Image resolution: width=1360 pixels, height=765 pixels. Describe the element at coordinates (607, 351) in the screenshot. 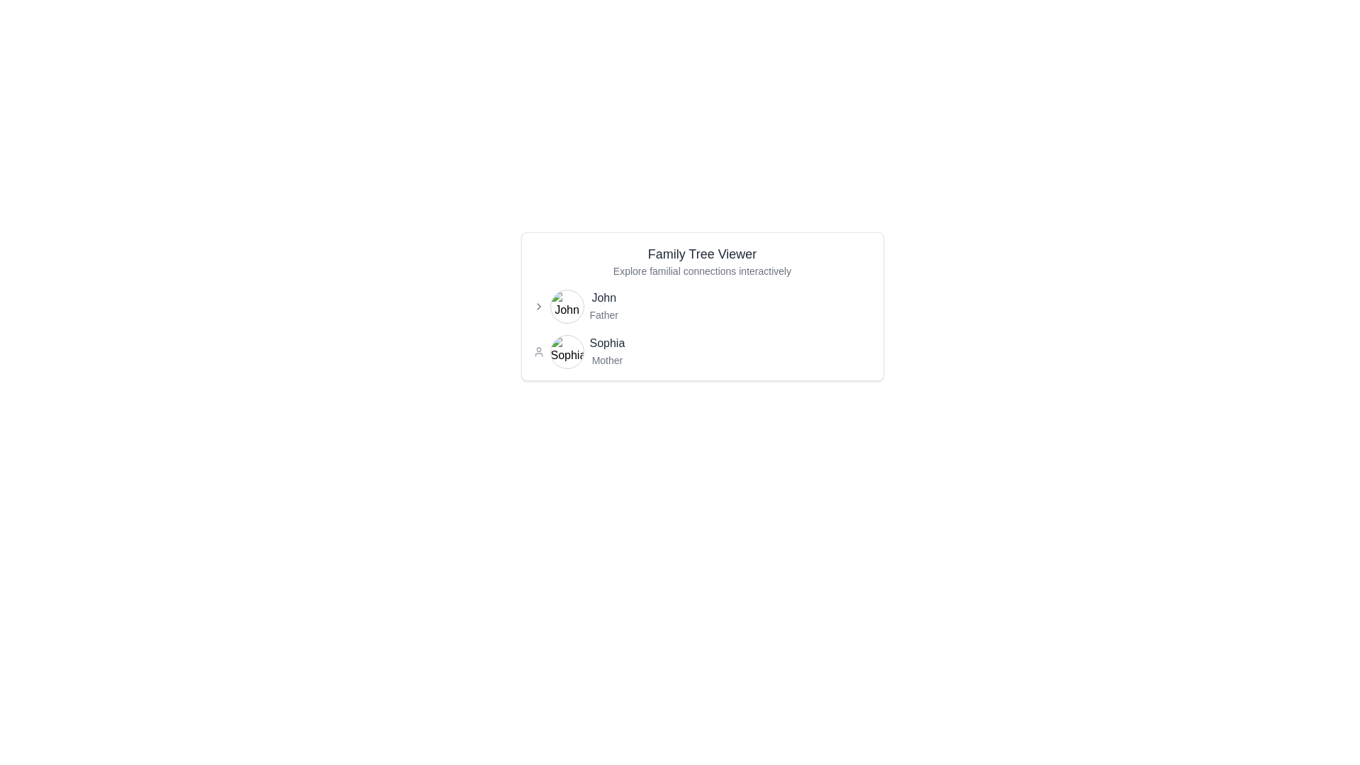

I see `the Textual Display showing 'Sophia' and 'Mother', located beneath the list item for 'John' and next to the user's profile picture icon` at that location.